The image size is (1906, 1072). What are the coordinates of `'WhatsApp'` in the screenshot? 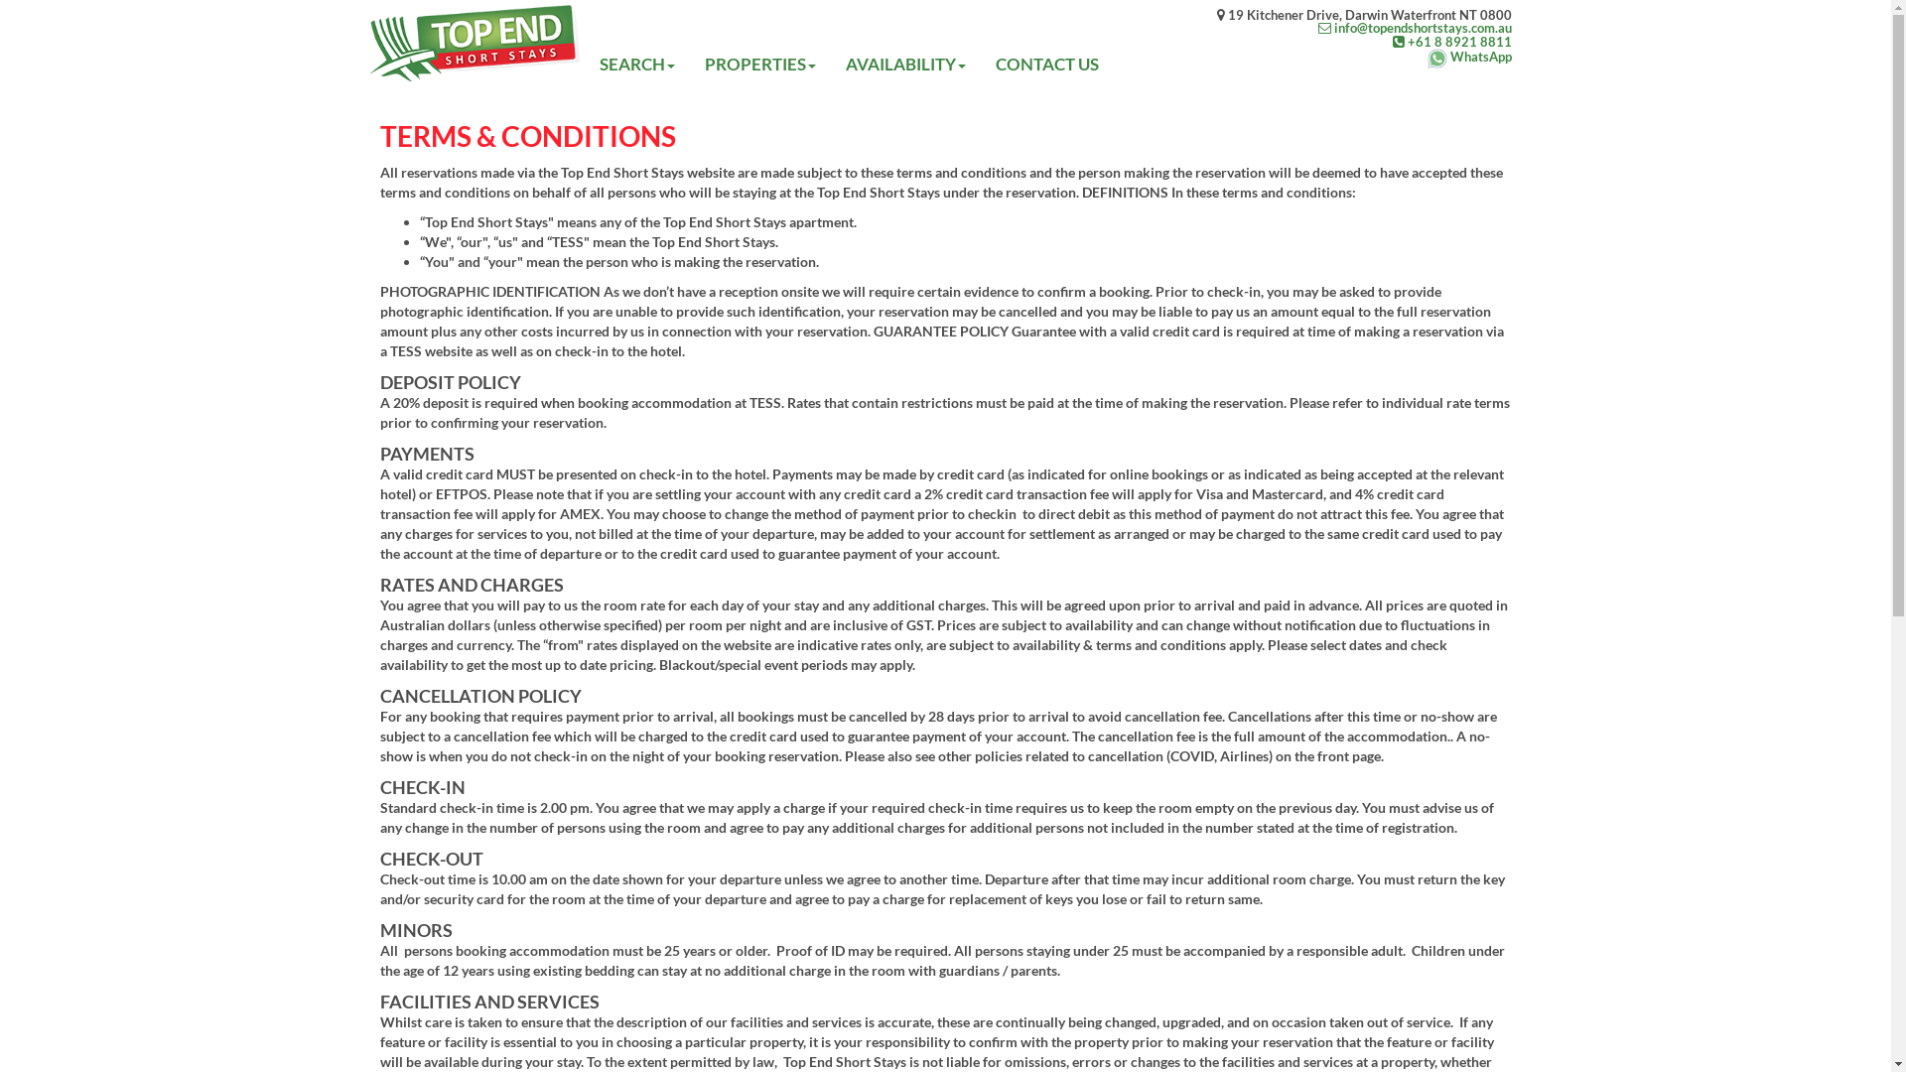 It's located at (1215, 57).